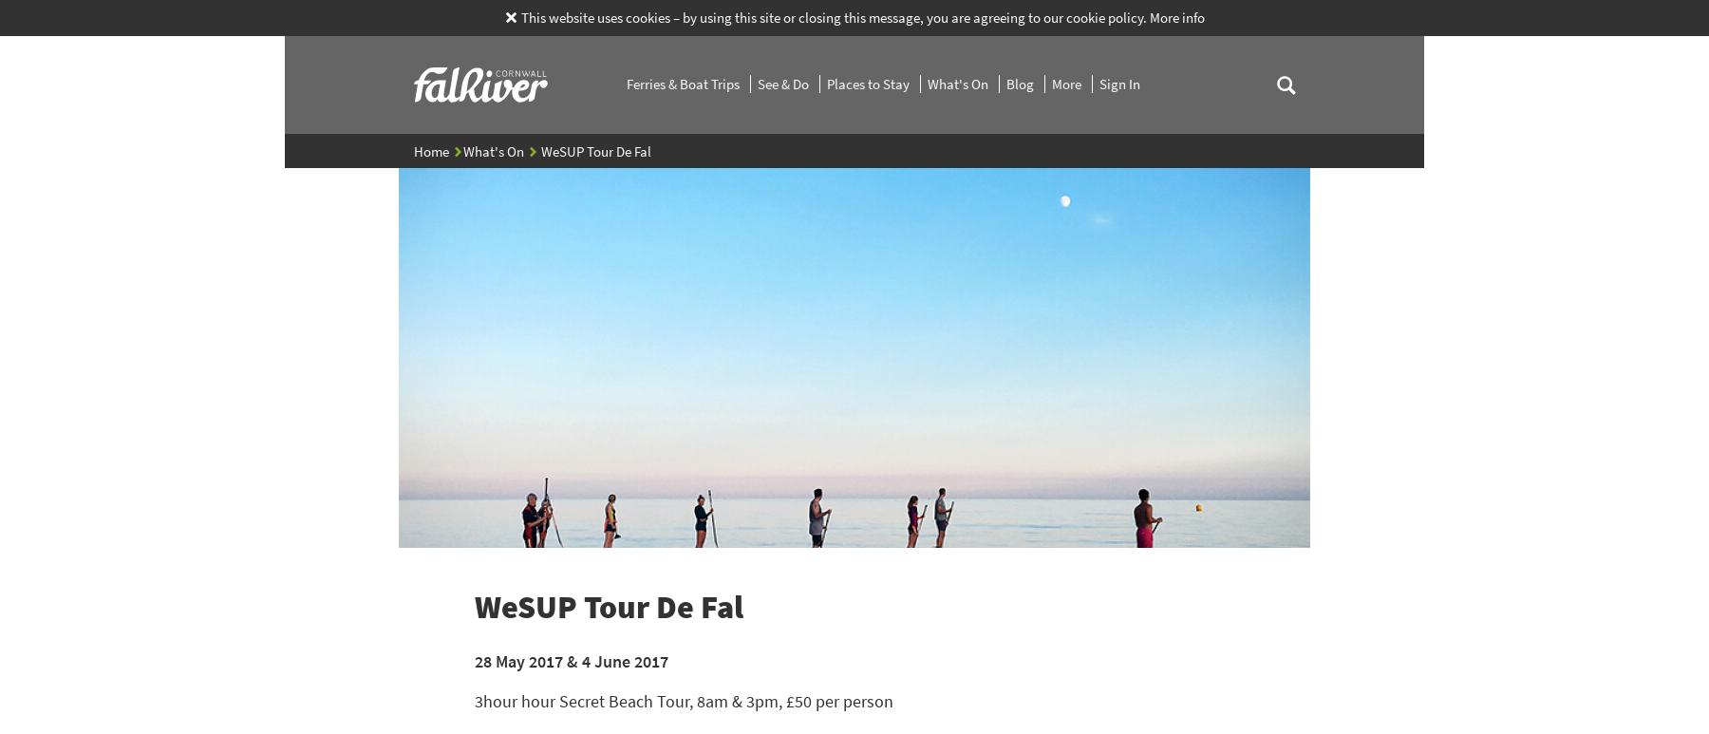  I want to click on '28 May 2017 & 4 June 2017', so click(571, 659).